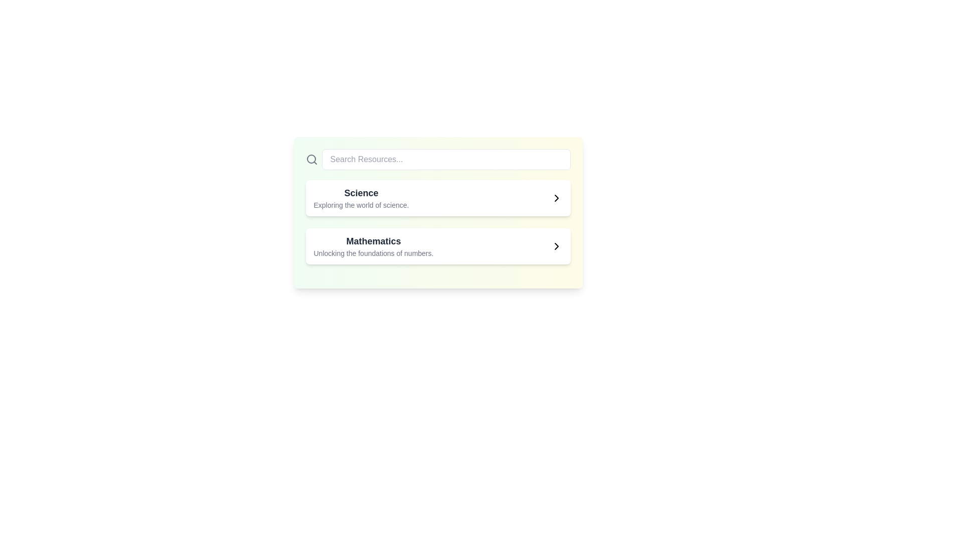  I want to click on text information from the text block that serves as a title and description for a clickable item related to mathematics, located in the center-right portion of the interface below the 'Science' card, so click(373, 246).